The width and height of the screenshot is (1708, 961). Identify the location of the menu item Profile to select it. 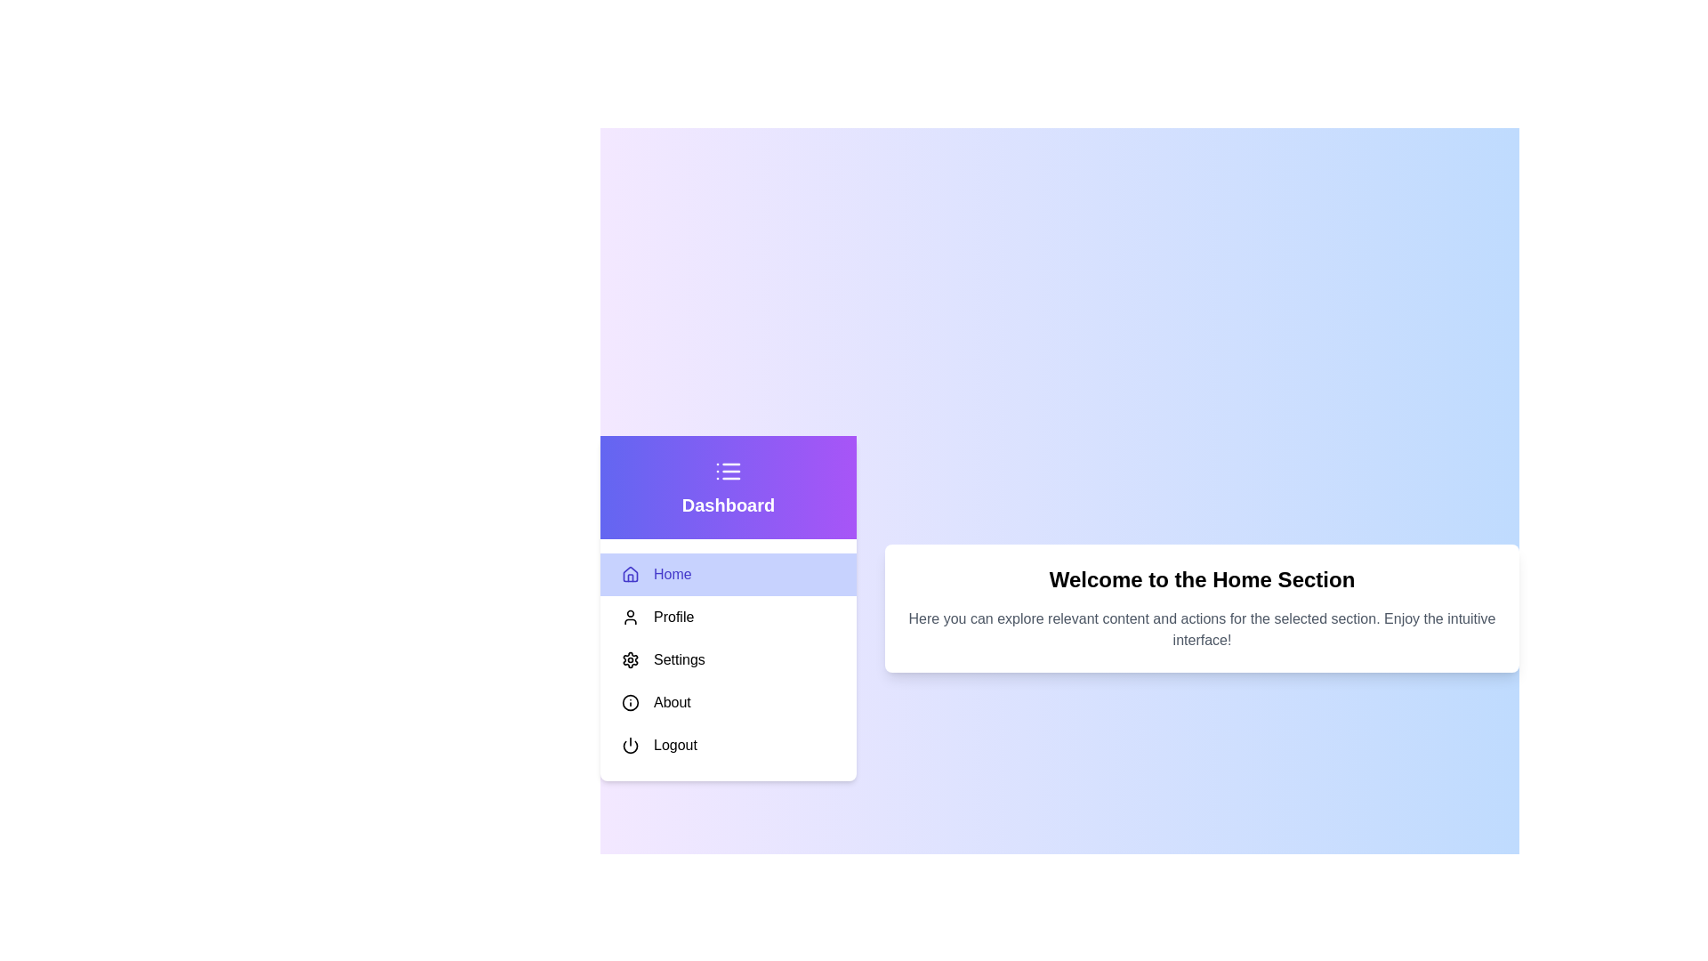
(729, 617).